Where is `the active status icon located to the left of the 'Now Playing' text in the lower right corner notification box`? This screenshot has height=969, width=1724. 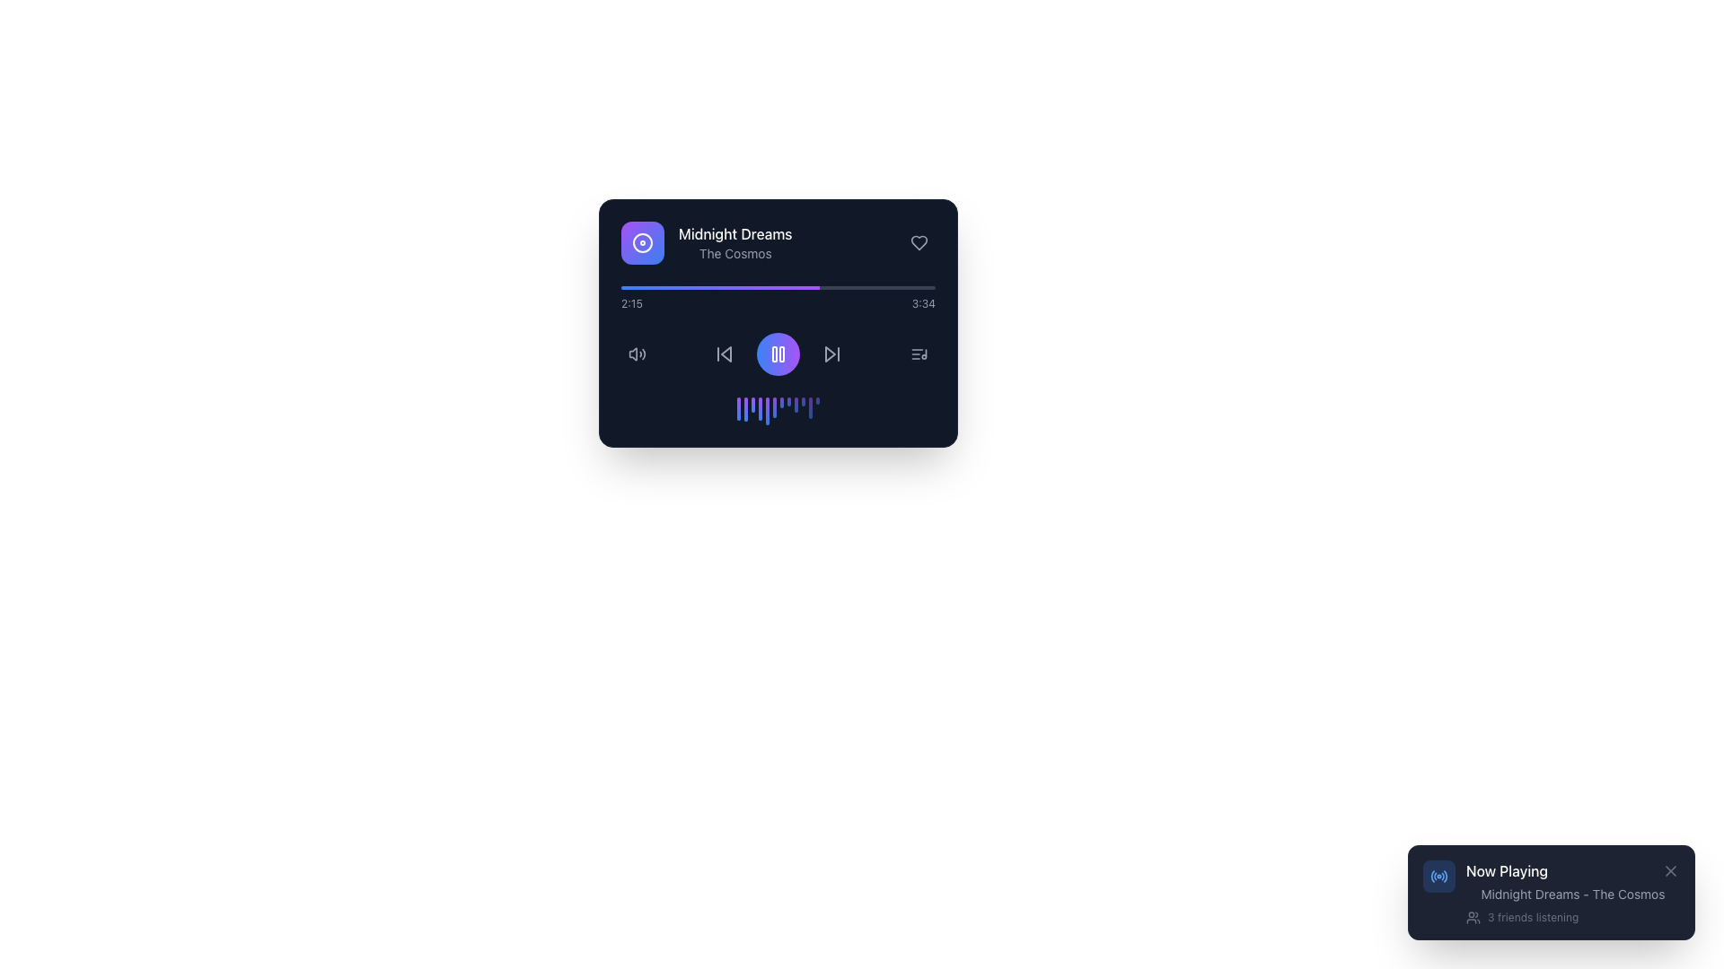 the active status icon located to the left of the 'Now Playing' text in the lower right corner notification box is located at coordinates (1439, 875).